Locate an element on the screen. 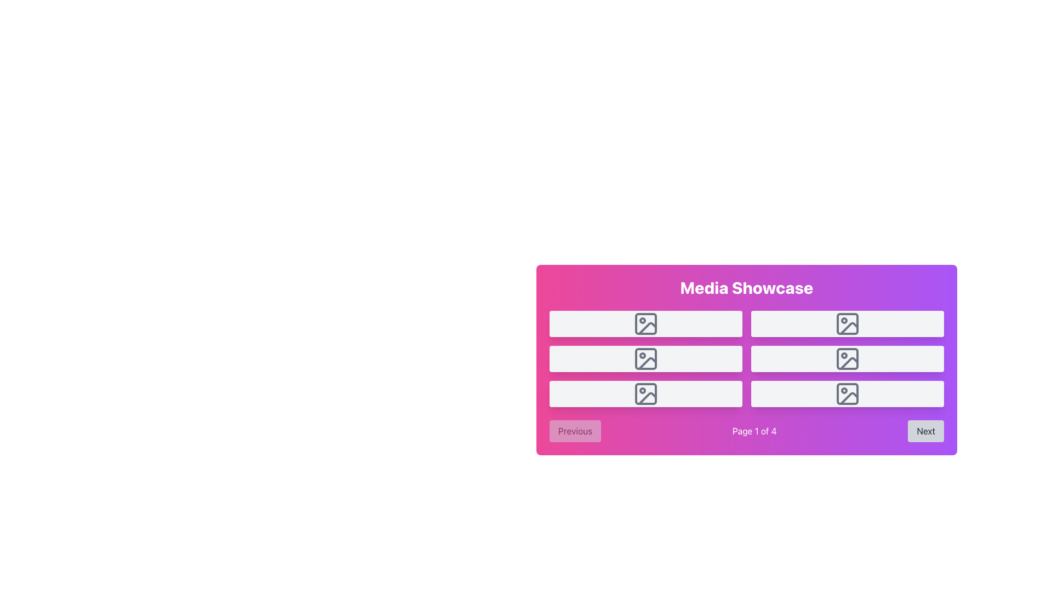 This screenshot has width=1052, height=591. the image placeholder SVG icon located in the 'Media Showcase' section, specifically in the second row and left column of the grid is located at coordinates (646, 358).